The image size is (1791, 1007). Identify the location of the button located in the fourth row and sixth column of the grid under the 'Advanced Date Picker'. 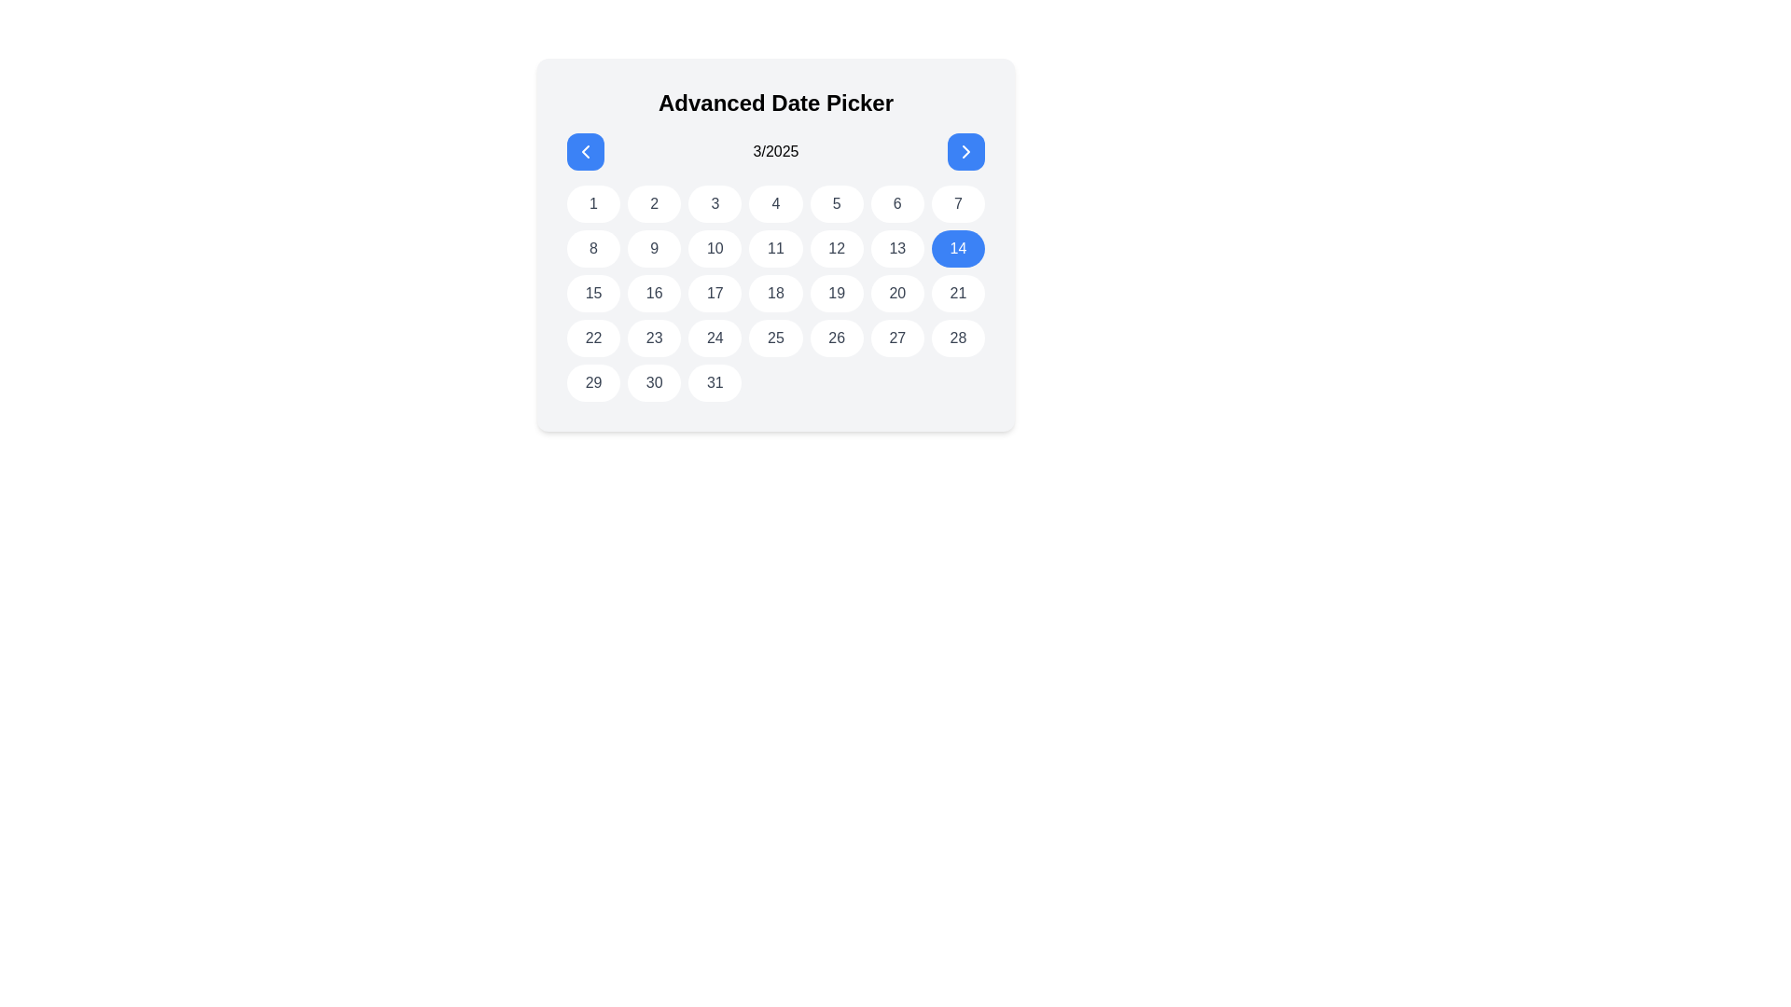
(896, 338).